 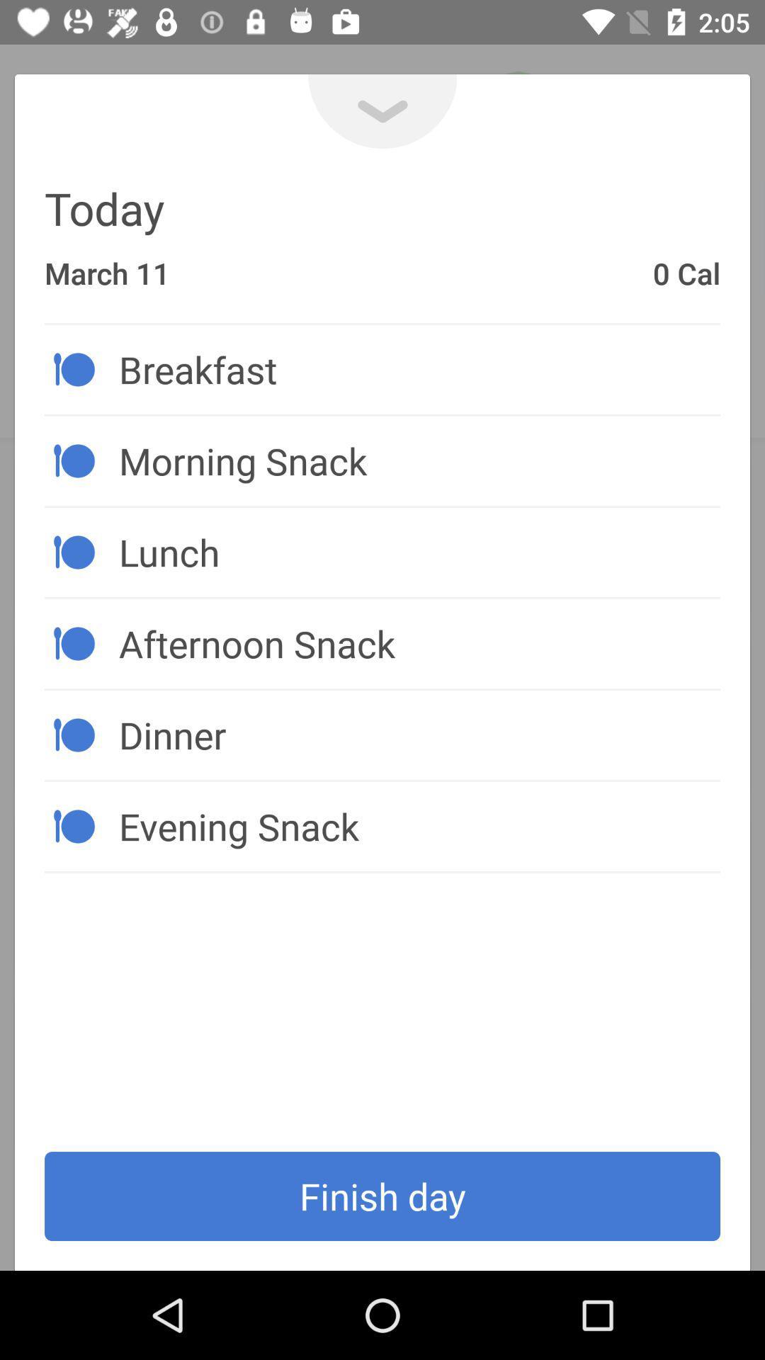 What do you see at coordinates (419, 460) in the screenshot?
I see `item above the lunch icon` at bounding box center [419, 460].